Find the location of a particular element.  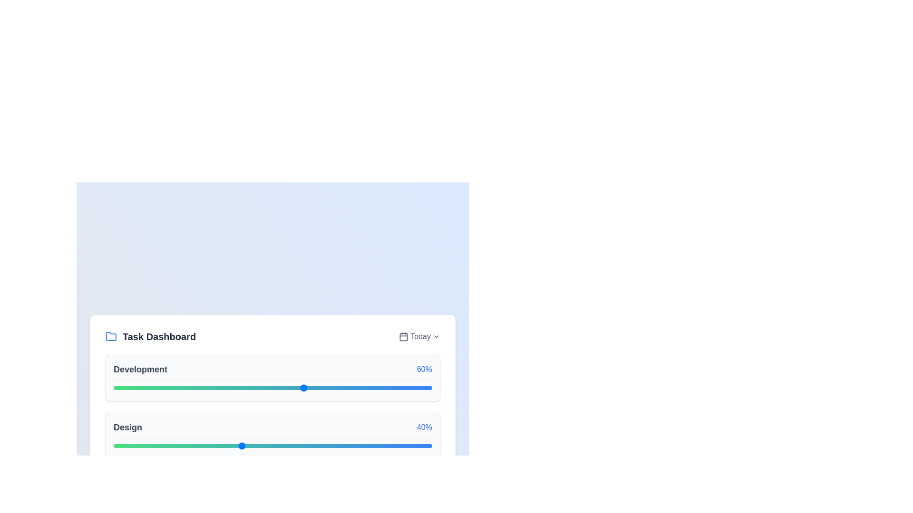

displayed text of the Text Label that shows the currently selected date, located between the calendar icon and dropdown arrow in the Task Dashboard card is located at coordinates (420, 336).